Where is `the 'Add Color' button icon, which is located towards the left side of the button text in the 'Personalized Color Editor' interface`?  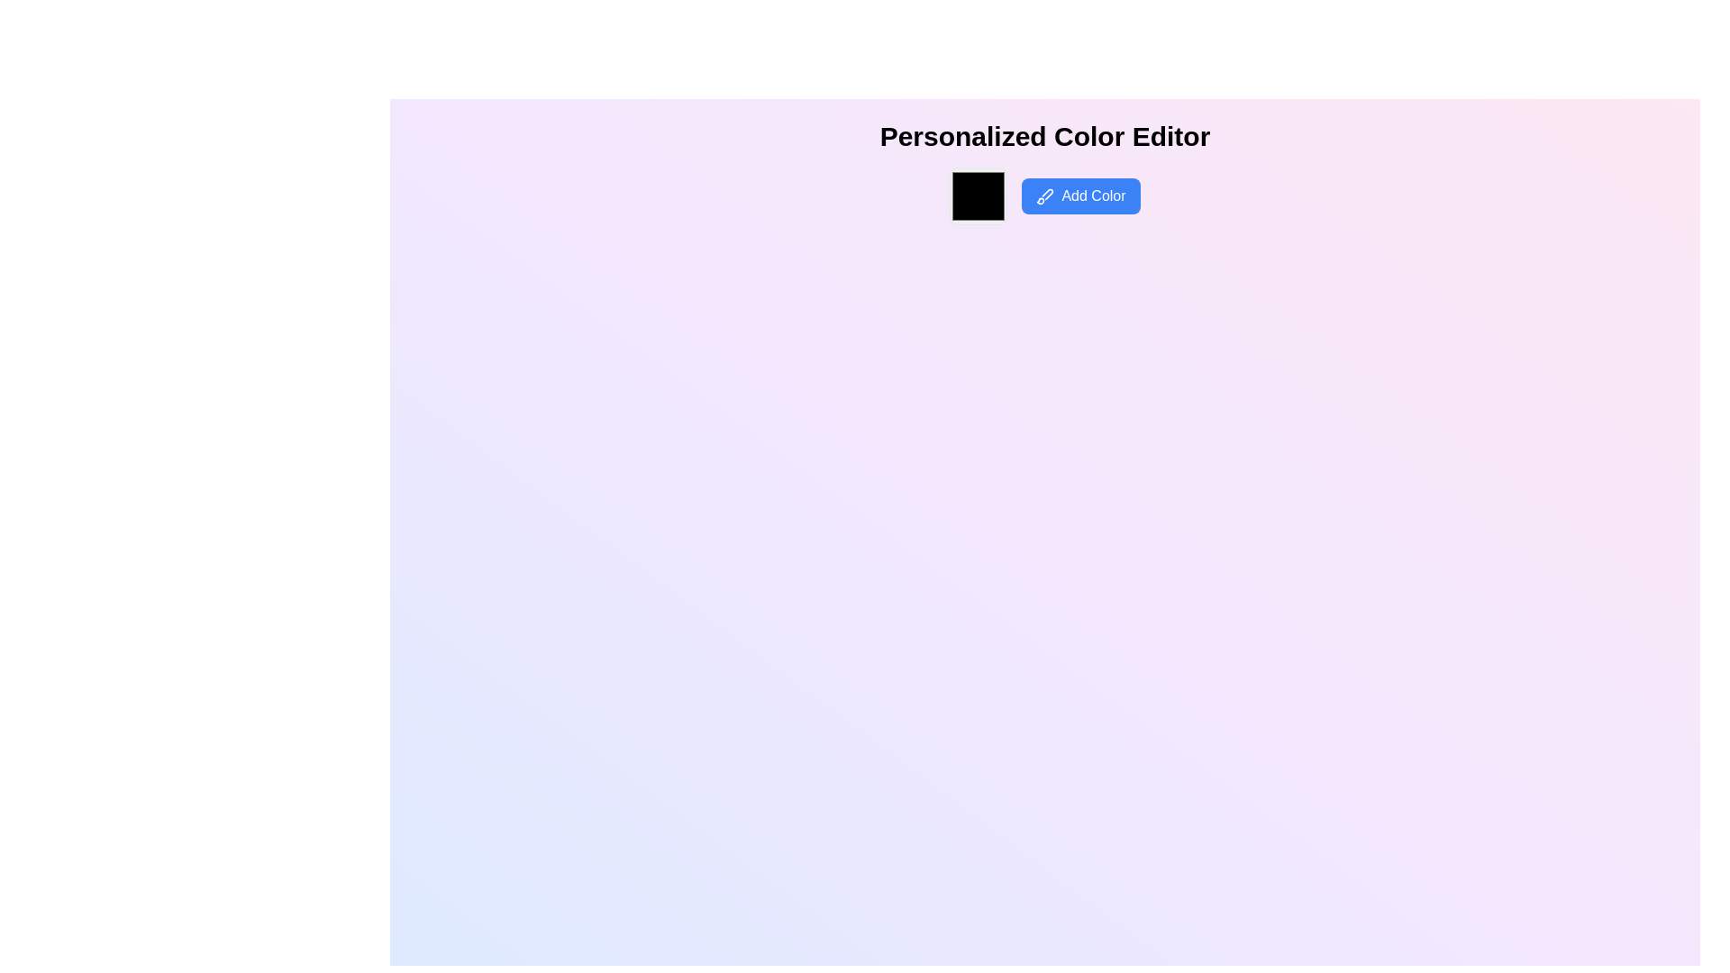
the 'Add Color' button icon, which is located towards the left side of the button text in the 'Personalized Color Editor' interface is located at coordinates (1045, 196).